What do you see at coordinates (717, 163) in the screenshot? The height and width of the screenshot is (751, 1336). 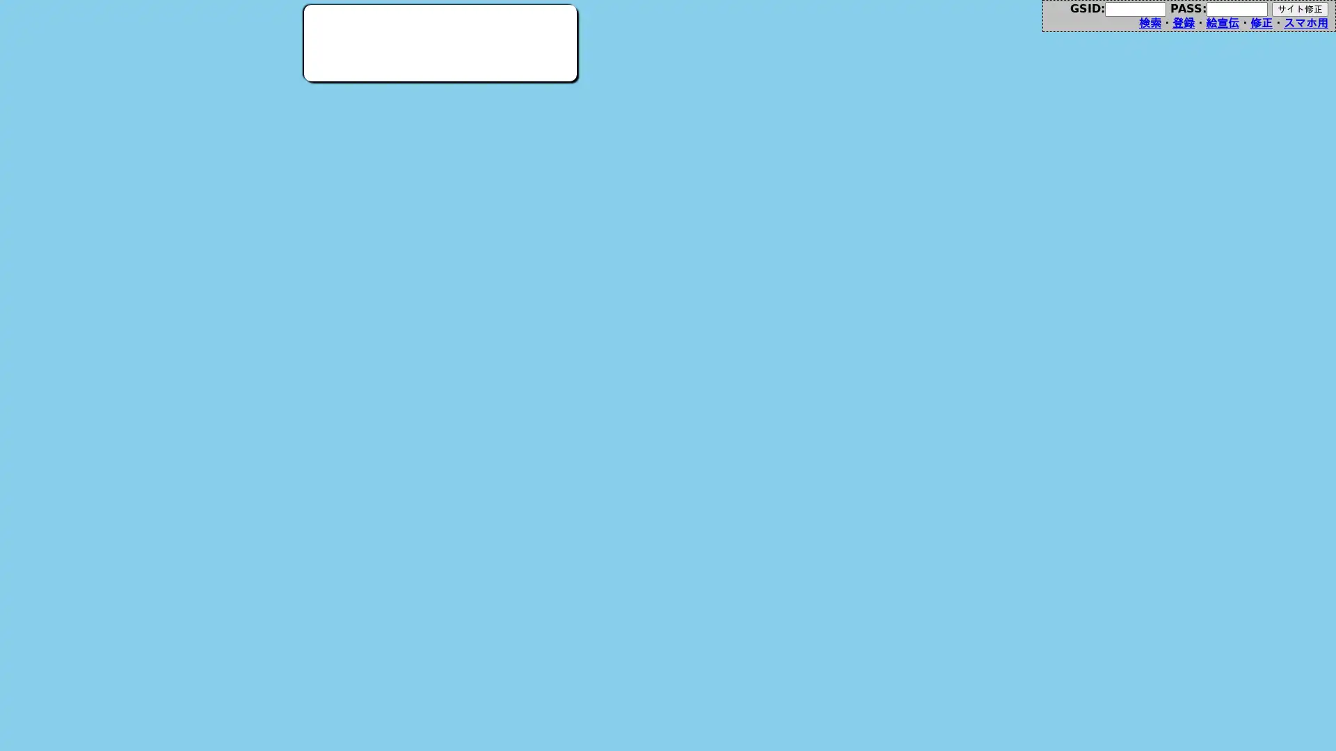 I see `Apple` at bounding box center [717, 163].